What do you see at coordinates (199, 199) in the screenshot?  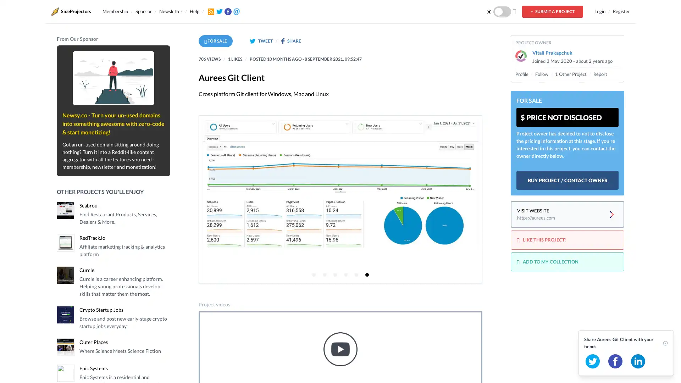 I see `Previous page` at bounding box center [199, 199].